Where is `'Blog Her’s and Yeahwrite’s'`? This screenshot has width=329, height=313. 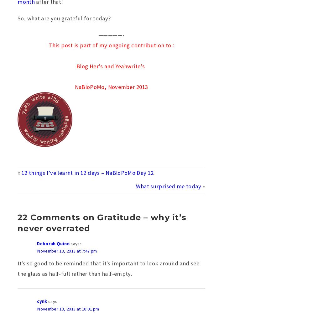 'Blog Her’s and Yeahwrite’s' is located at coordinates (111, 65).